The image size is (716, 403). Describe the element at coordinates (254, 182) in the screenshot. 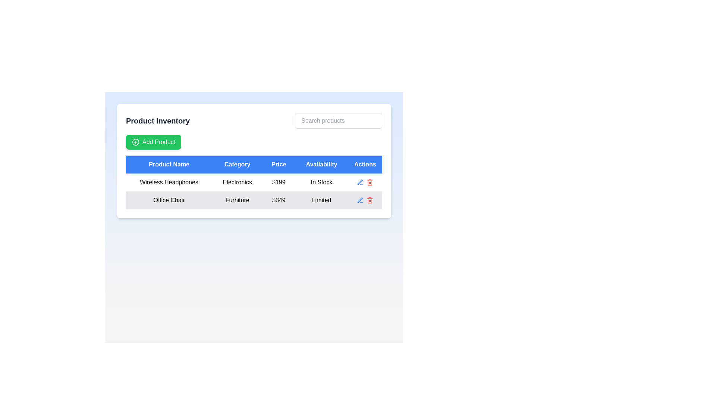

I see `a row in the Data Table labeled 'Product Name', 'Category', 'Price', 'Availability', and 'Actions'` at that location.